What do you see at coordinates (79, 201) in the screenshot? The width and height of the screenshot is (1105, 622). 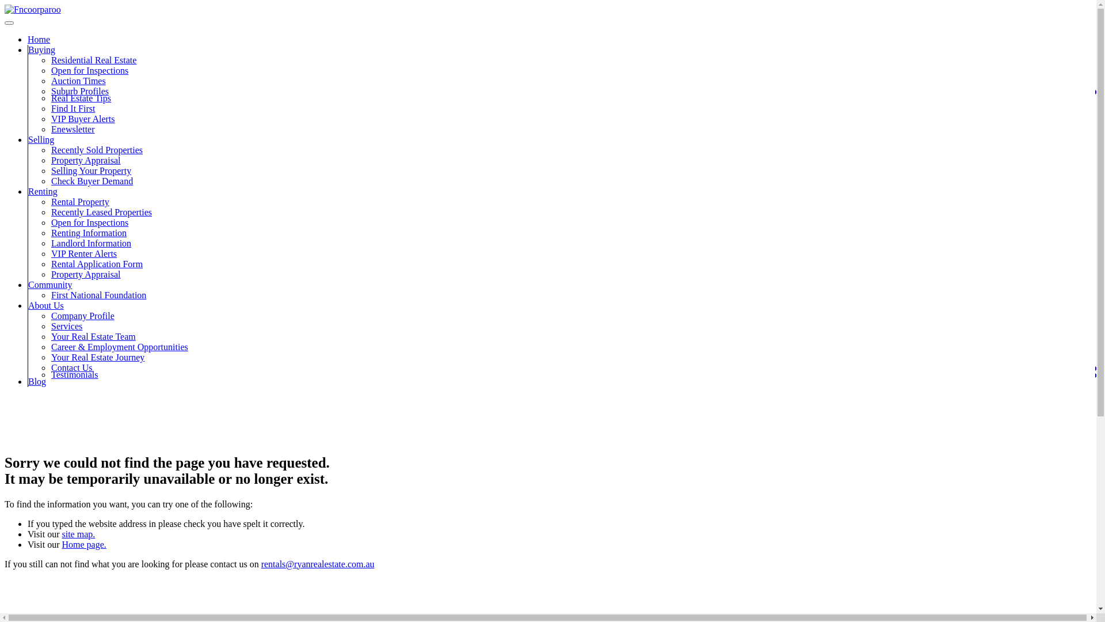 I see `'Rental Property'` at bounding box center [79, 201].